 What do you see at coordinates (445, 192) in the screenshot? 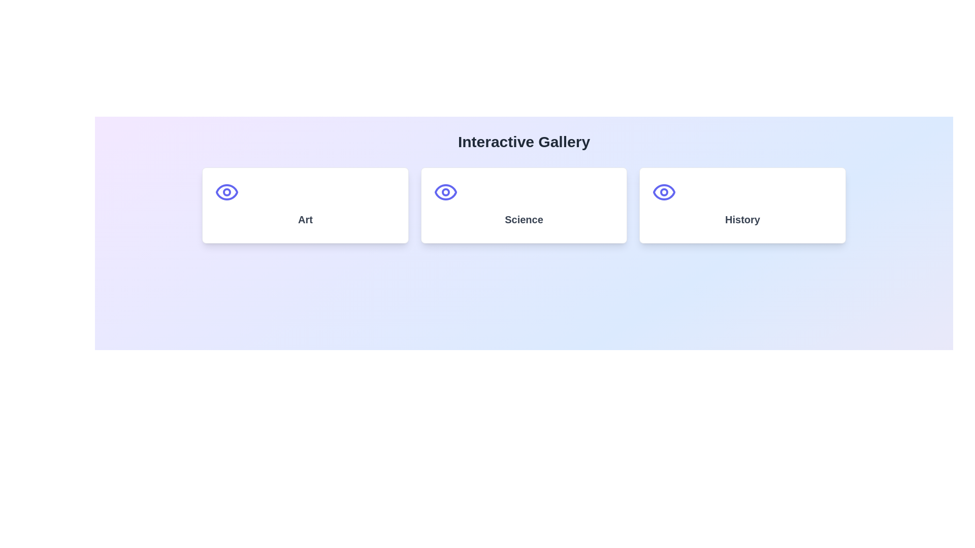
I see `the visibility icon located above the text label 'Science' on the second card in the horizontal row of cards labeled 'Art,' 'Science,' and 'History.'` at bounding box center [445, 192].